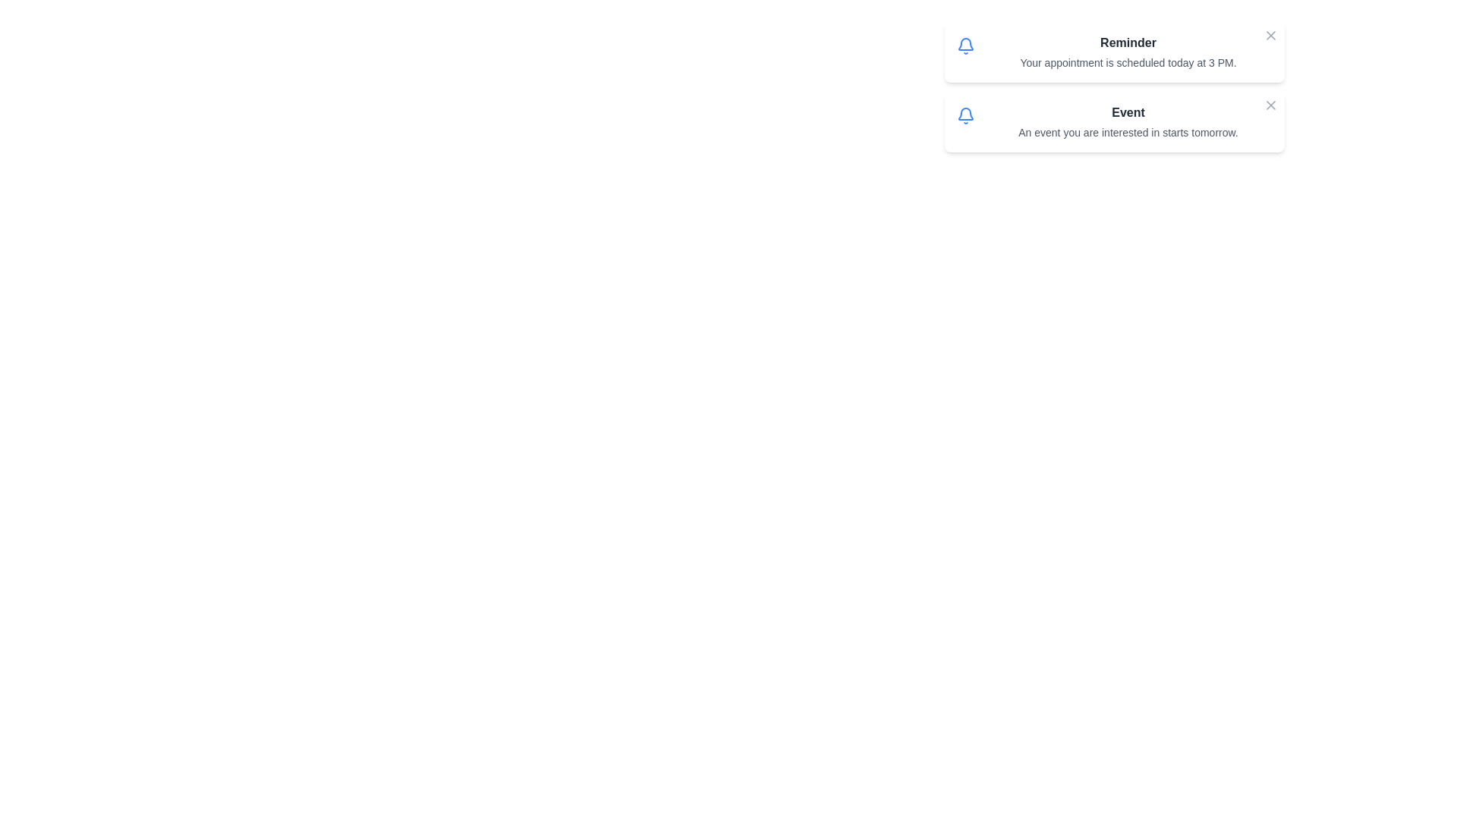 The width and height of the screenshot is (1457, 819). Describe the element at coordinates (1128, 121) in the screenshot. I see `informational text within the second notification card located in the upper right half of the interface` at that location.